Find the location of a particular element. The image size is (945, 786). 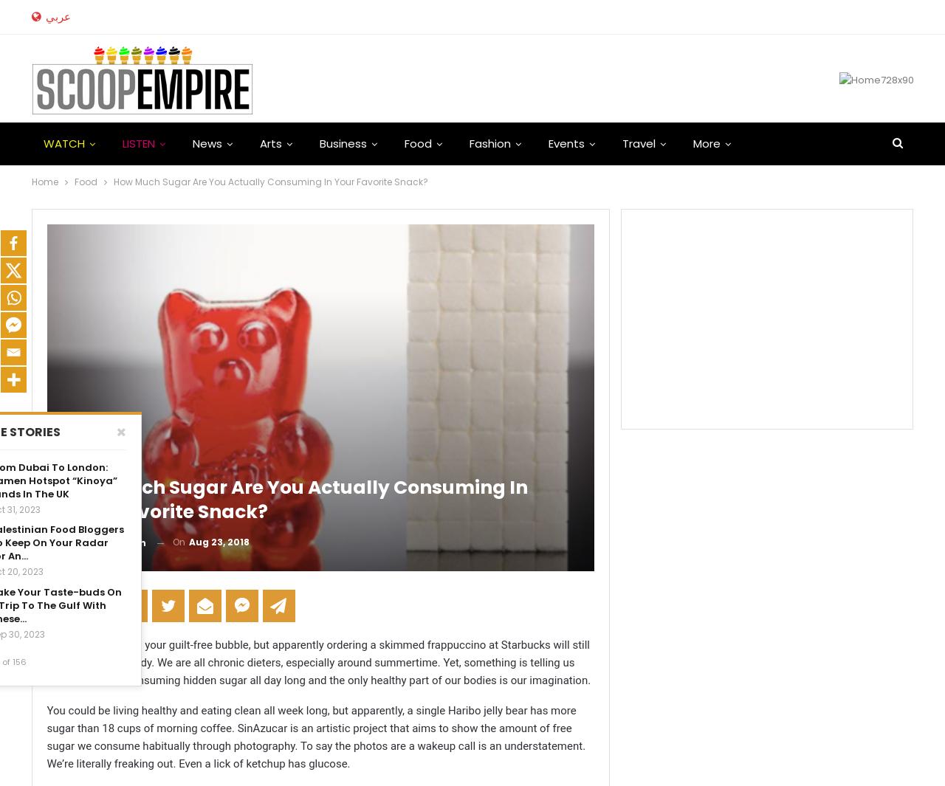

'Arts' is located at coordinates (269, 142).